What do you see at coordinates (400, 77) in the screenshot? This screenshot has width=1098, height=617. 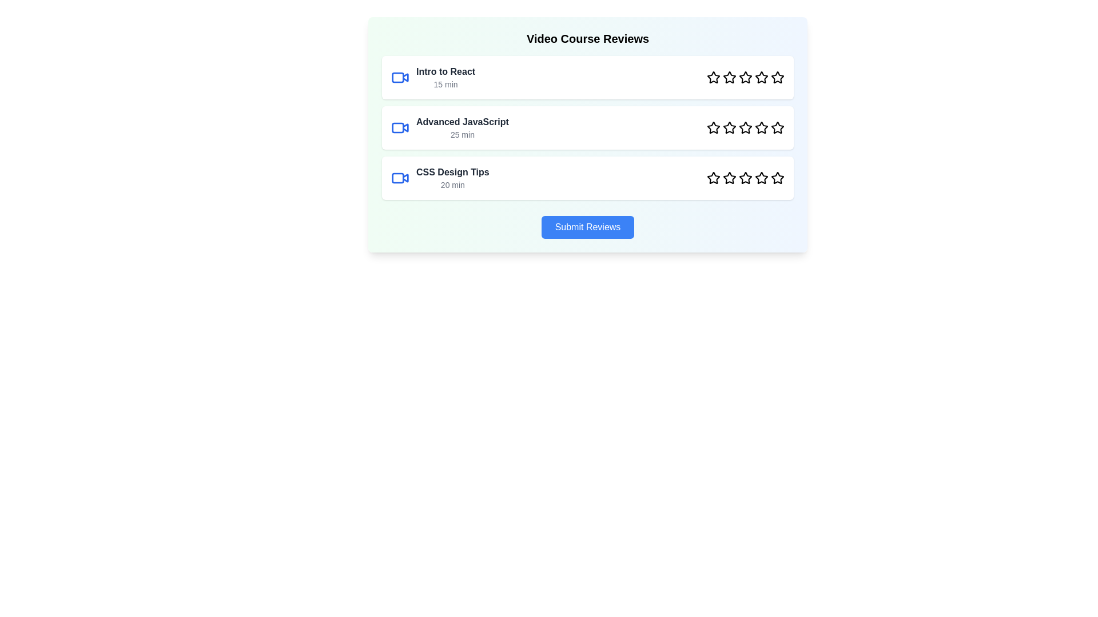 I see `the video icon next to the video title` at bounding box center [400, 77].